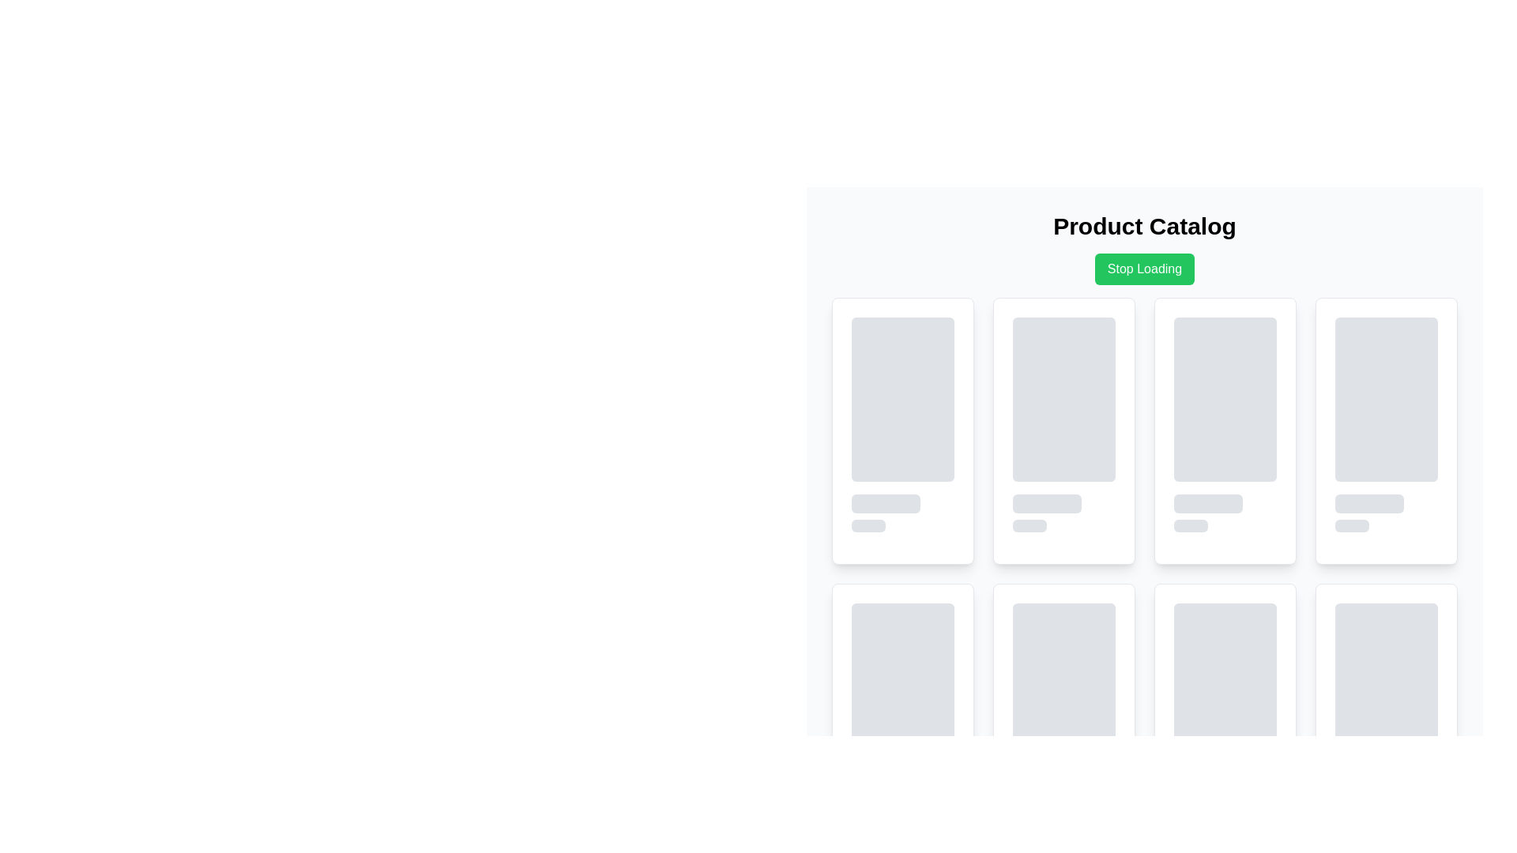  Describe the element at coordinates (902, 398) in the screenshot. I see `the uppermost placeholder box` at that location.